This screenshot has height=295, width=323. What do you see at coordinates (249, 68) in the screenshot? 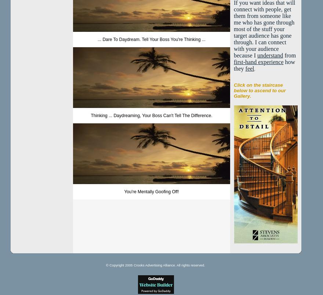
I see `'feel'` at bounding box center [249, 68].